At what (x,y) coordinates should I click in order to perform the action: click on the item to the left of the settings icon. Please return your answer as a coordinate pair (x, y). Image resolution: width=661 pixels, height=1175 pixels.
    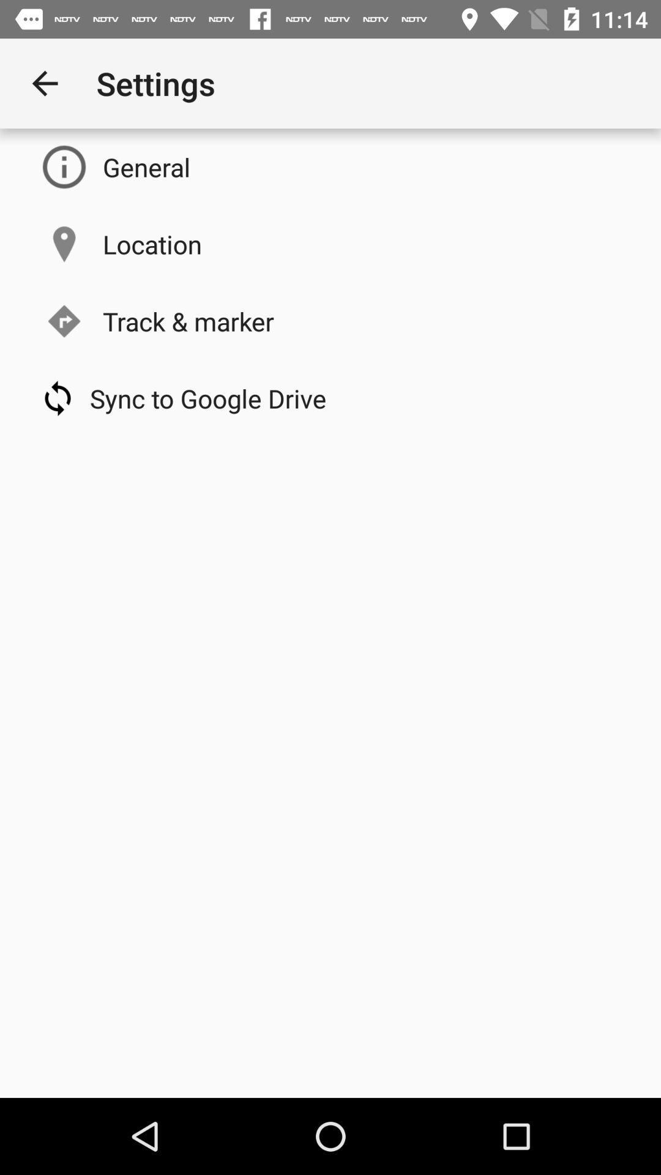
    Looking at the image, I should click on (44, 83).